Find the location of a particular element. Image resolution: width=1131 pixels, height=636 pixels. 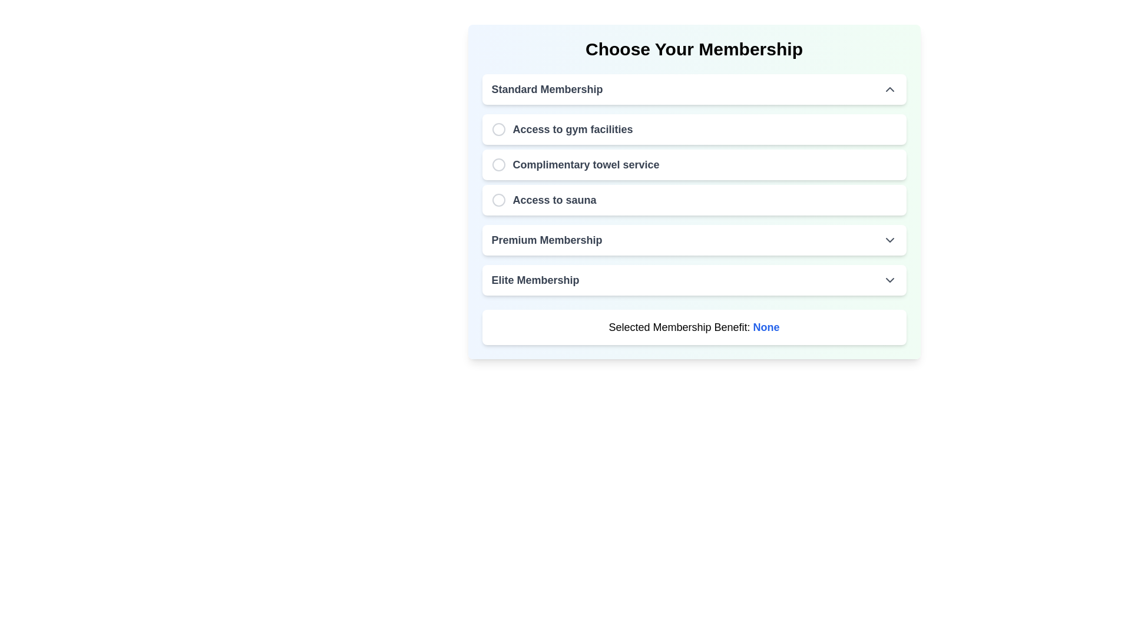

the circular radio button located to the left of the text 'Access to gym facilities' in the 'Choose Your Membership' selection interface is located at coordinates (498, 129).